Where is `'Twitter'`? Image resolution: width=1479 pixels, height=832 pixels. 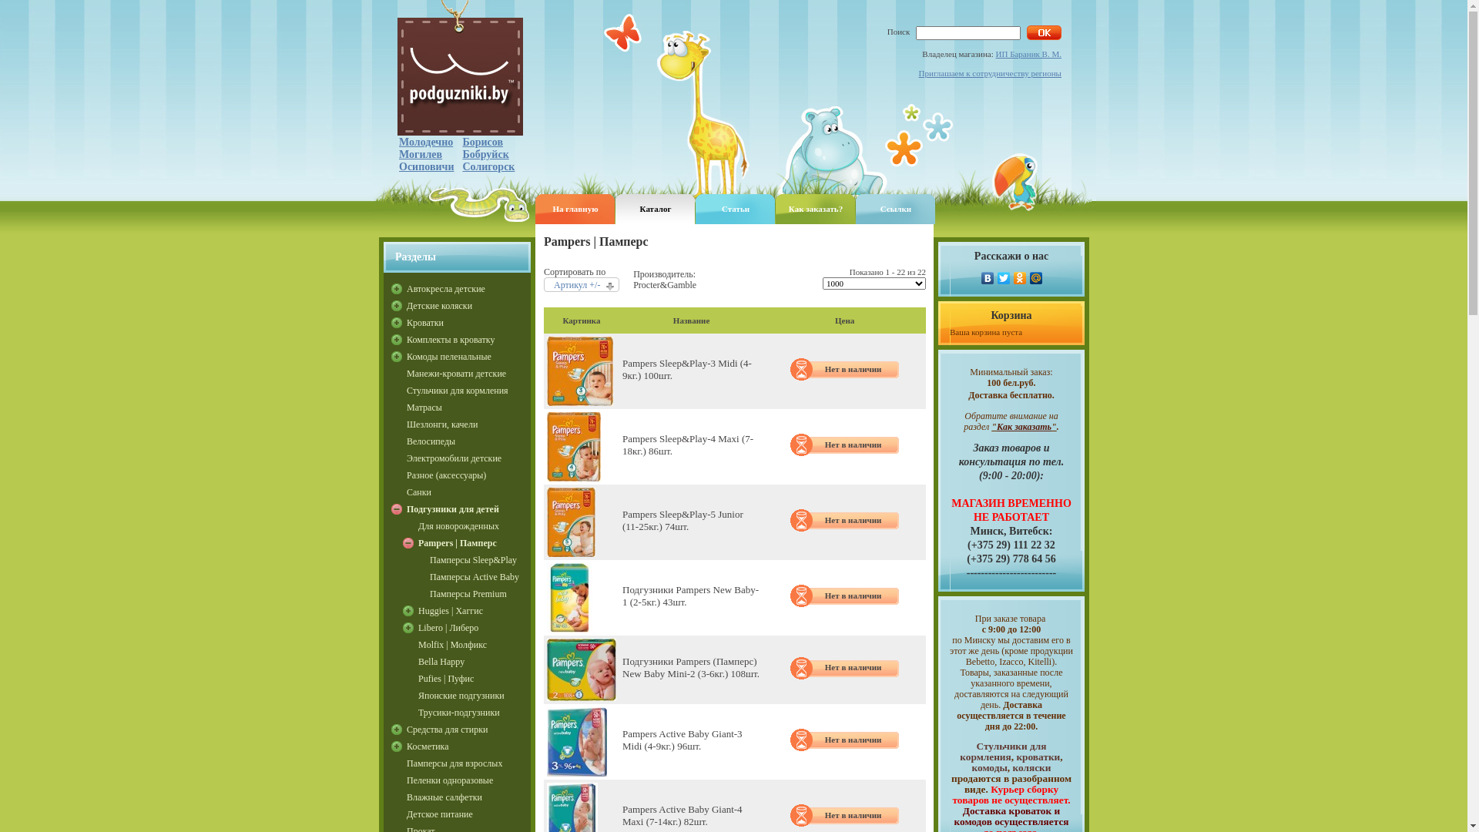 'Twitter' is located at coordinates (1003, 278).